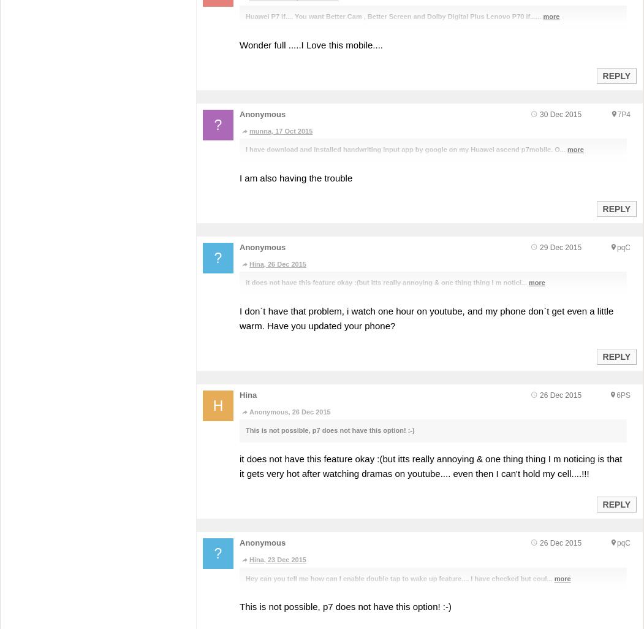 This screenshot has width=644, height=629. Describe the element at coordinates (280, 130) in the screenshot. I see `'munna, 17 Oct 2015'` at that location.